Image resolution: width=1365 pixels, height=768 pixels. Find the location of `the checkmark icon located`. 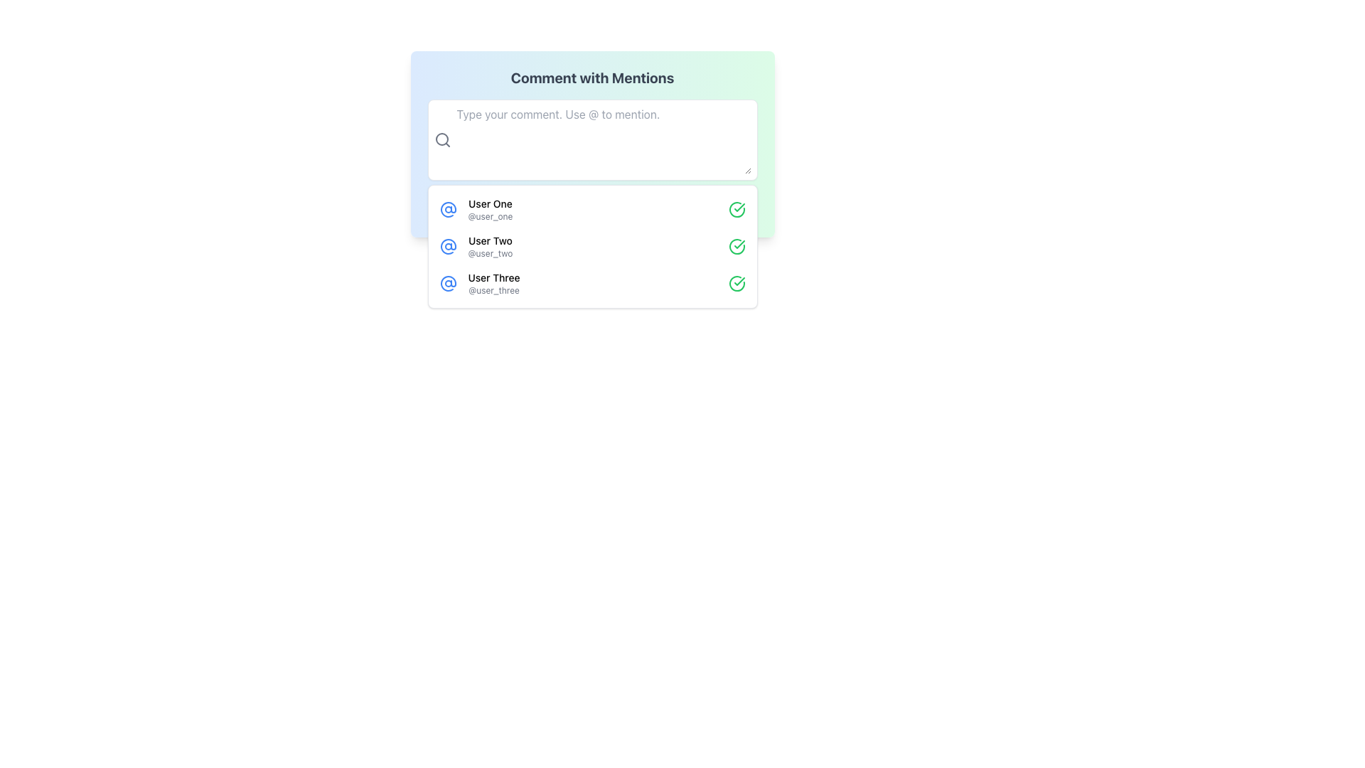

the checkmark icon located is located at coordinates (737, 283).